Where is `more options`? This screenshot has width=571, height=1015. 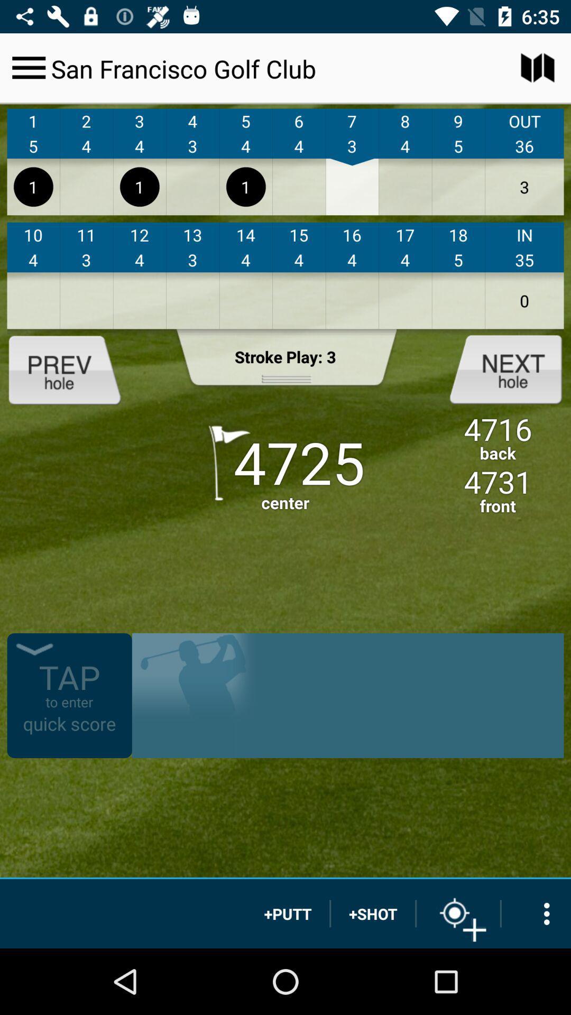
more options is located at coordinates (536, 913).